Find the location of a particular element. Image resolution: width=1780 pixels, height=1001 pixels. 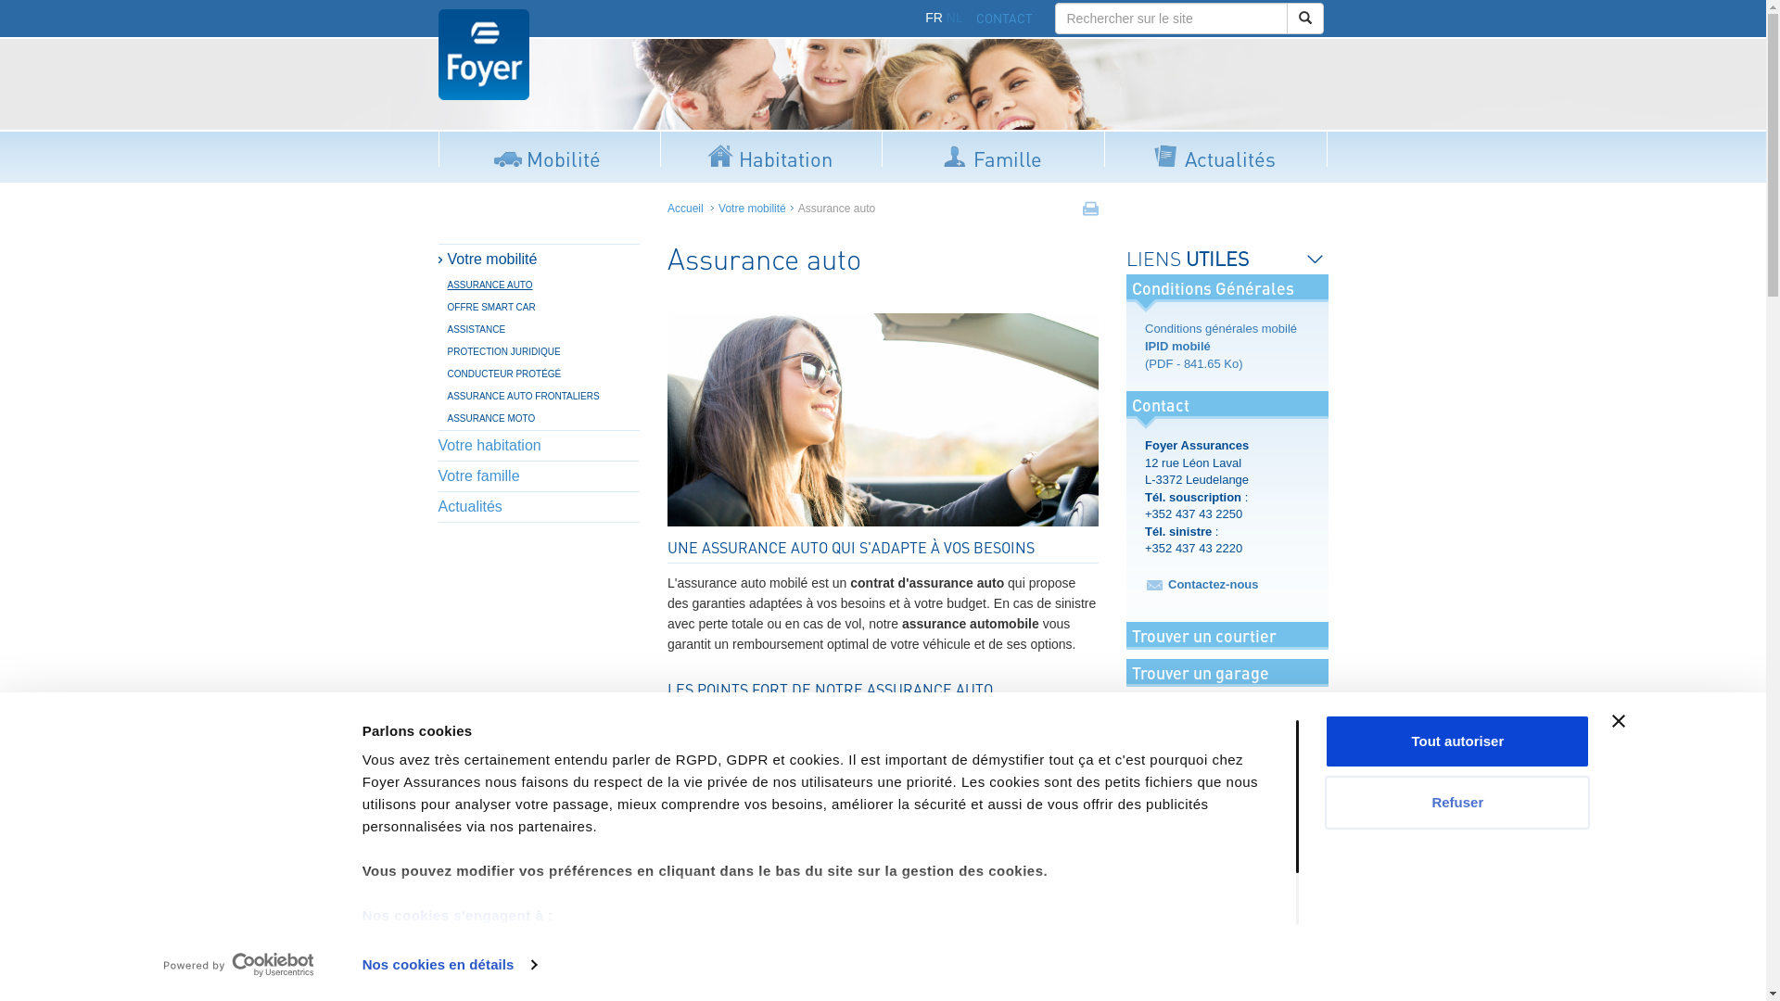

'ASSISTANCE' is located at coordinates (541, 328).